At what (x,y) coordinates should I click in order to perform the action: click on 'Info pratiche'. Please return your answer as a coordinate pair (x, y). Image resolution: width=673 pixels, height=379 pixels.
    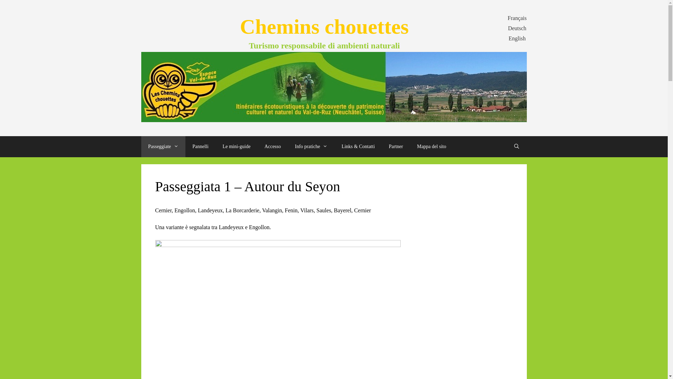
    Looking at the image, I should click on (311, 146).